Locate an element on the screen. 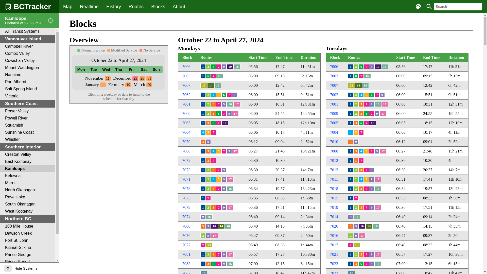 Image resolution: width=487 pixels, height=274 pixels. '29' is located at coordinates (146, 84).